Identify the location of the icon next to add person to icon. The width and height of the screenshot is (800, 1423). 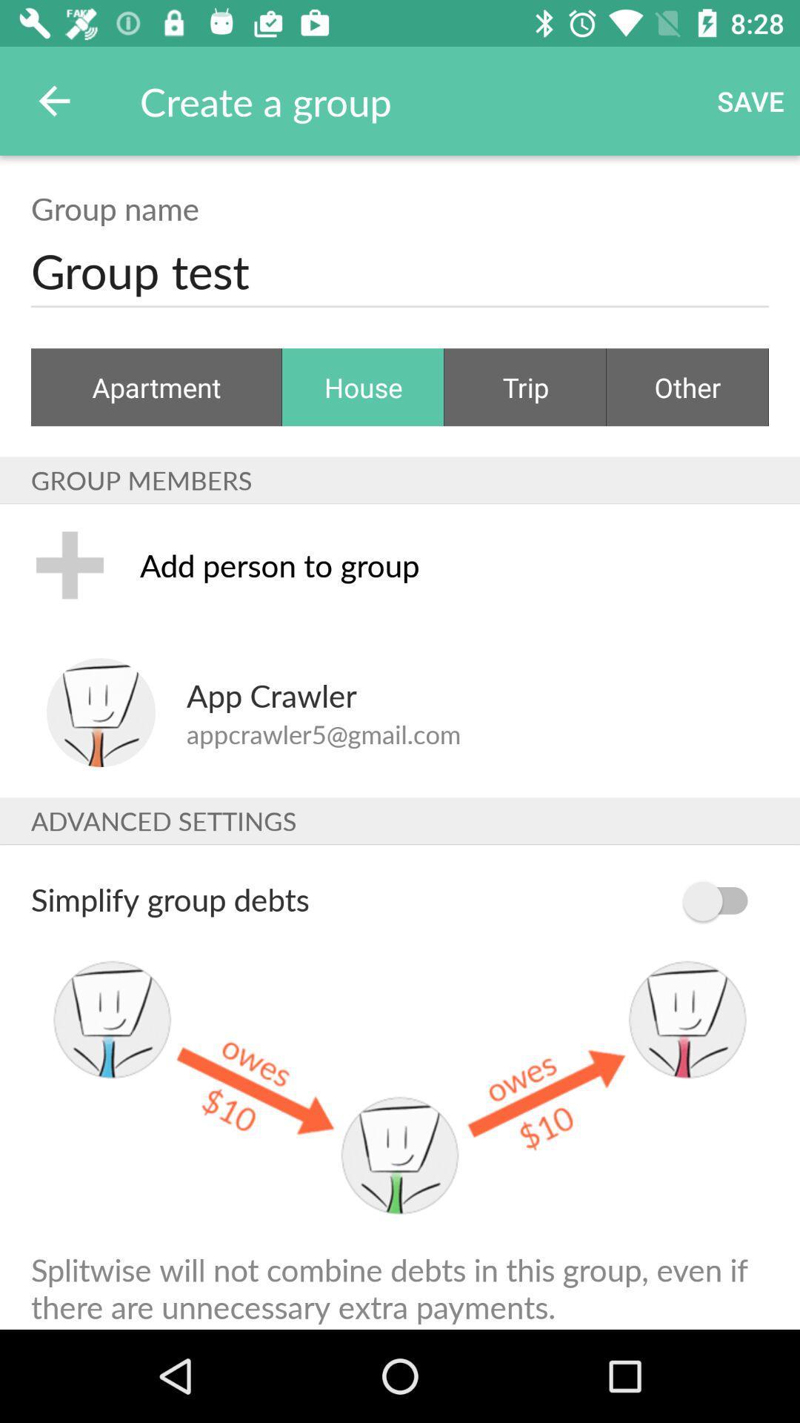
(70, 564).